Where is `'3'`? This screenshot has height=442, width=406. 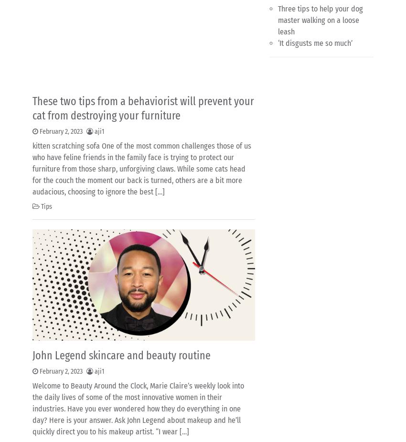 '3' is located at coordinates (60, 363).